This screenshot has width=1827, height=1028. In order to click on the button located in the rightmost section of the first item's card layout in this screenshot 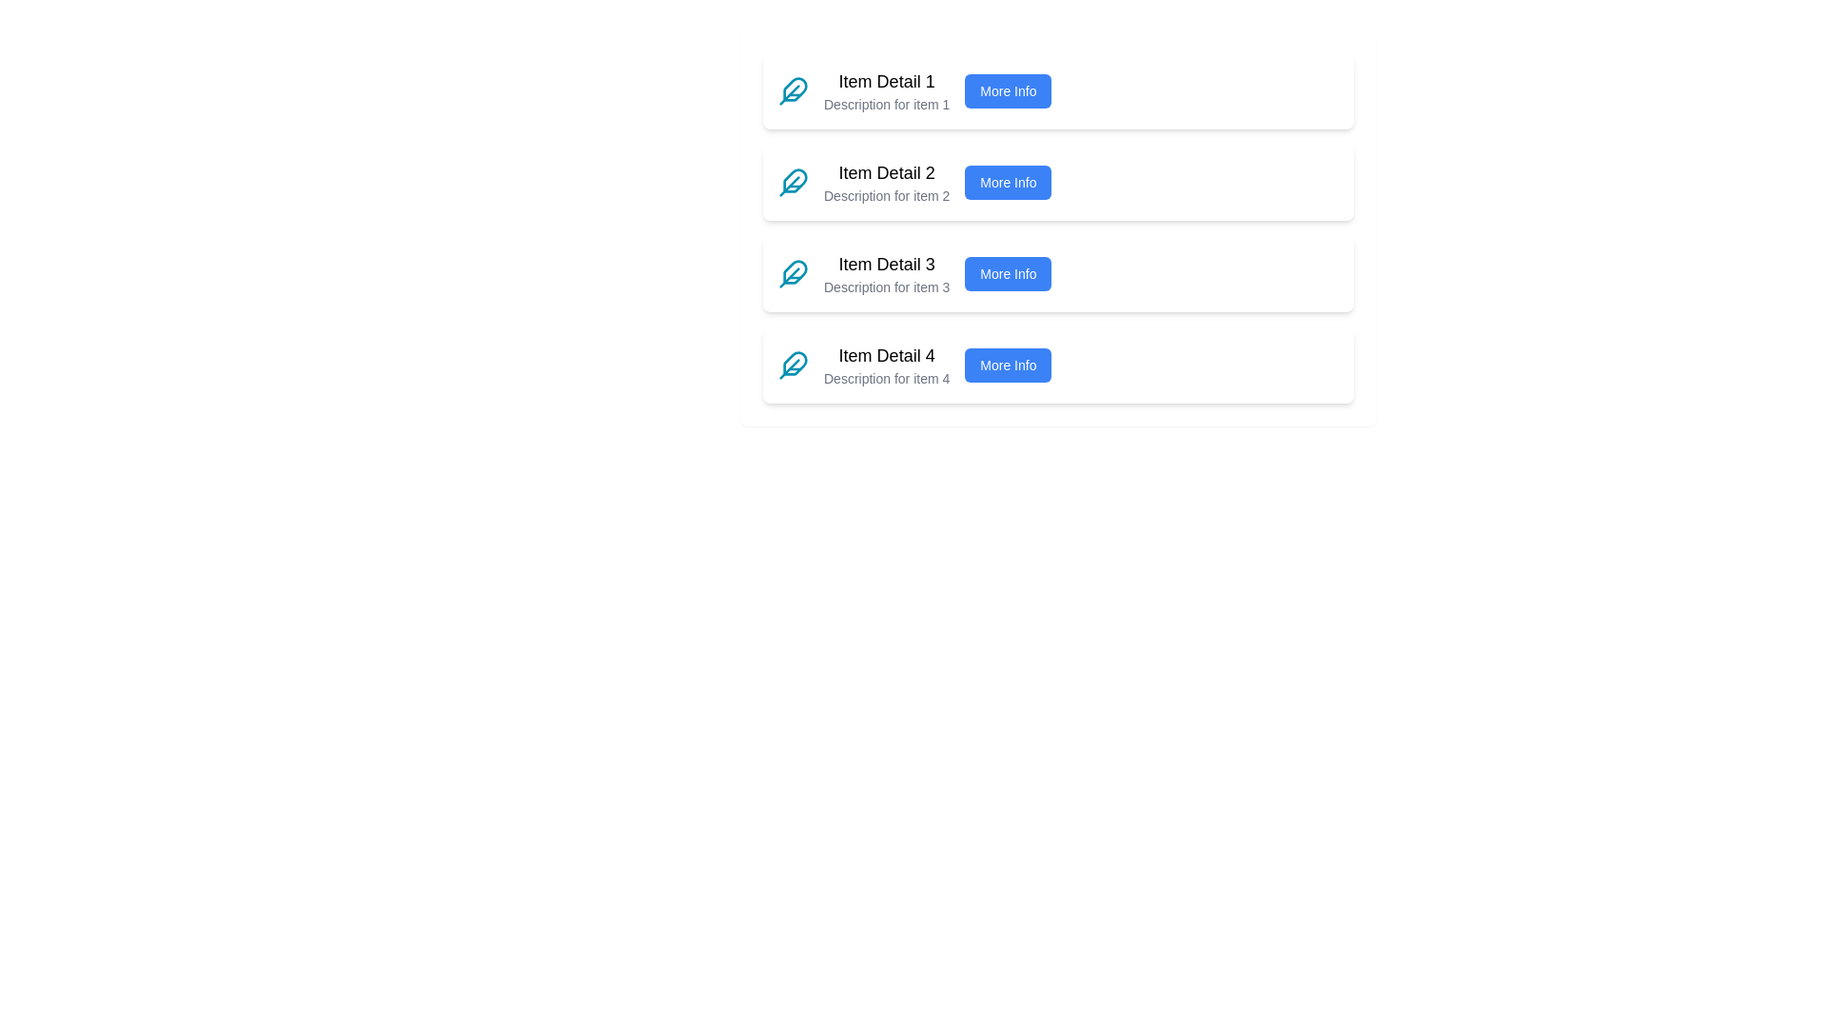, I will do `click(1007, 91)`.